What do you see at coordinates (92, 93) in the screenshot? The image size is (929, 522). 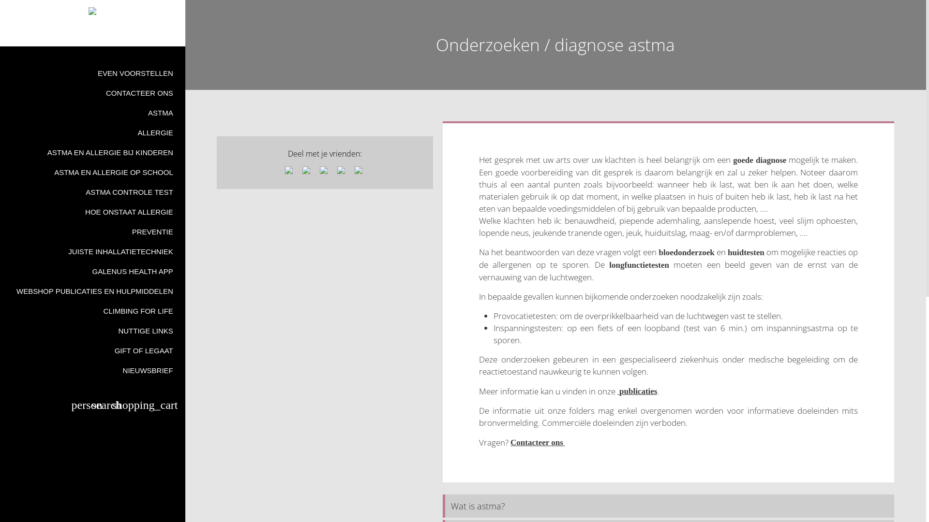 I see `'CONTACTEER ONS'` at bounding box center [92, 93].